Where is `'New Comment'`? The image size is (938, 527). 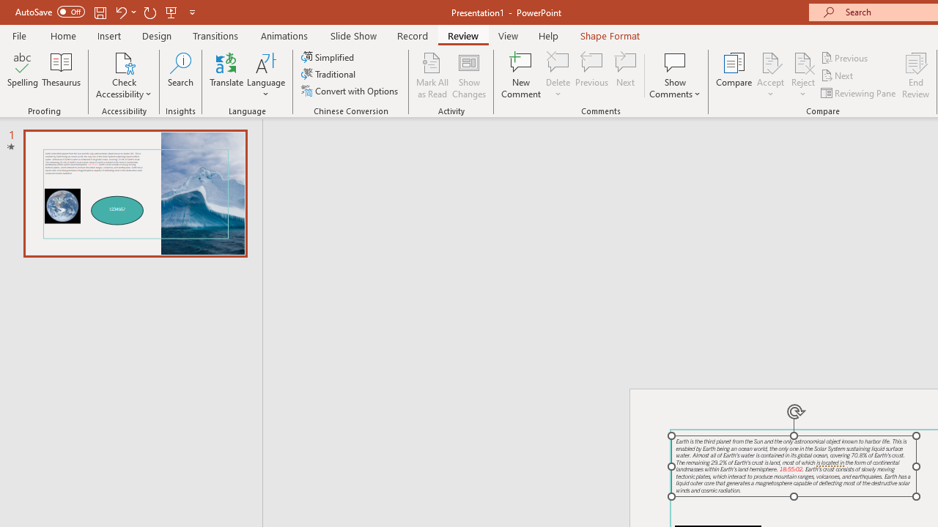
'New Comment' is located at coordinates (521, 75).